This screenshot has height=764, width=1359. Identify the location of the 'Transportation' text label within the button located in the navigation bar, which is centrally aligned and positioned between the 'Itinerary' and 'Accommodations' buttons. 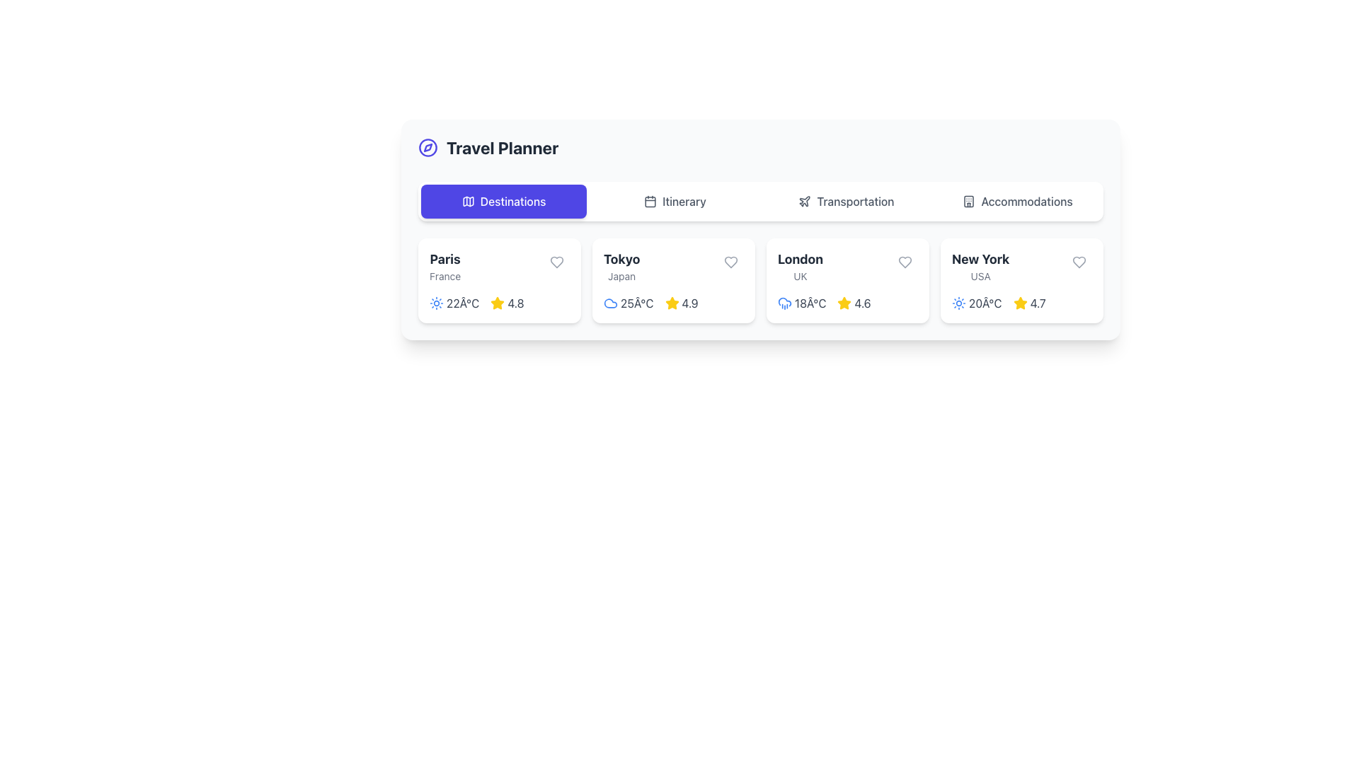
(855, 202).